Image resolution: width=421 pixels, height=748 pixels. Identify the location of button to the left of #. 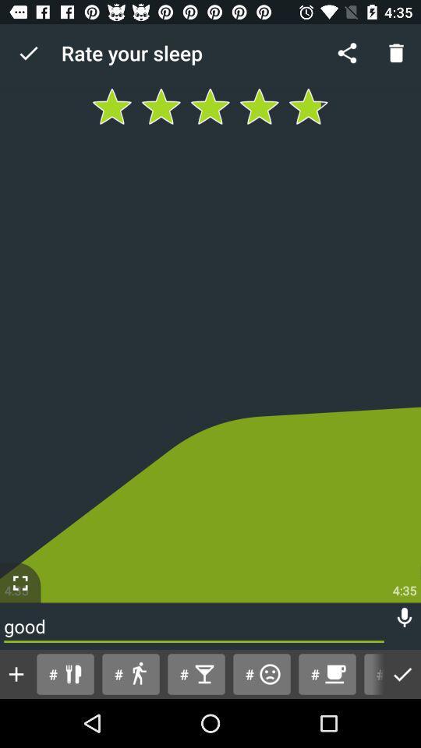
(16, 673).